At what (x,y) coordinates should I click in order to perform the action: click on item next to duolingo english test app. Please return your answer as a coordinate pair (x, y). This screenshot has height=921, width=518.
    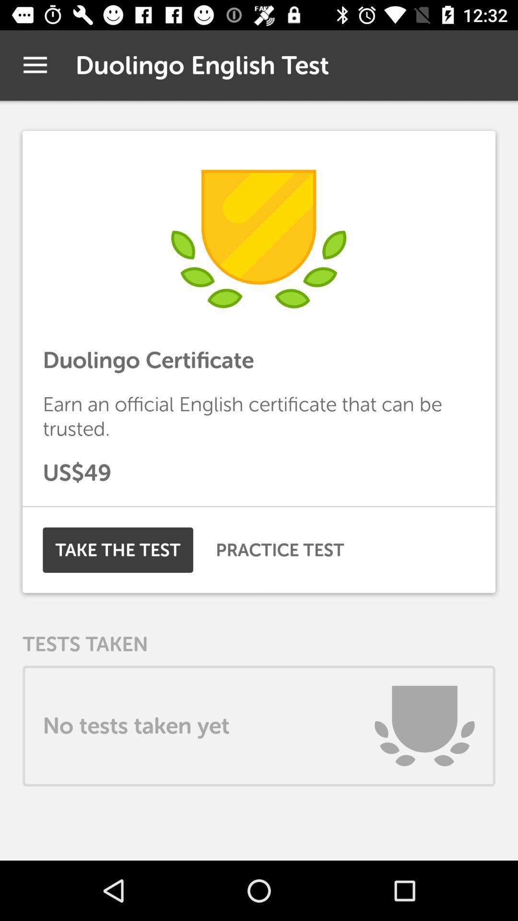
    Looking at the image, I should click on (35, 65).